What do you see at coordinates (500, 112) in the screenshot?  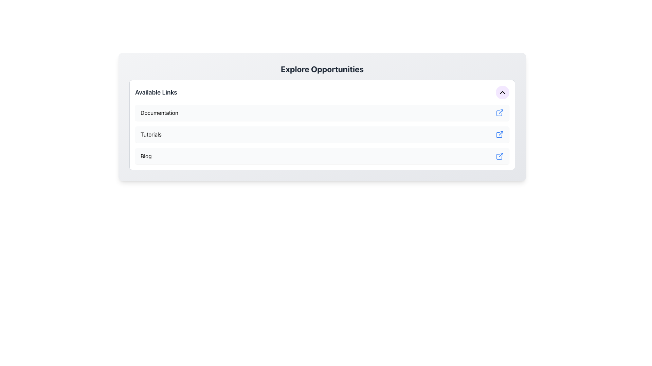 I see `the external link icon located to the right of the 'Documentation' label in the 'Available Links' section` at bounding box center [500, 112].